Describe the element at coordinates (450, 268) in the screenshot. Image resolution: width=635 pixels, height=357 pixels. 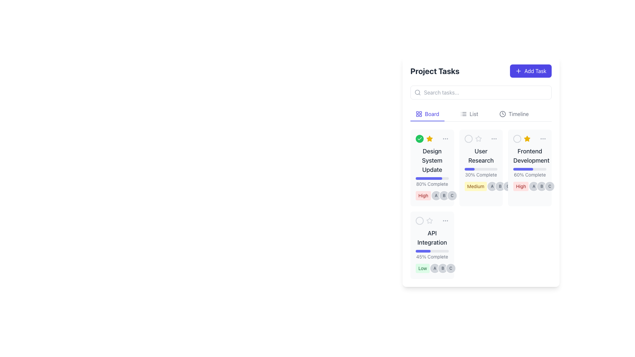
I see `the static icon located at the bottom of the 'API Integration' card, which is the third circular icon in a series of three, positioned to the right of the 'B' icon` at that location.